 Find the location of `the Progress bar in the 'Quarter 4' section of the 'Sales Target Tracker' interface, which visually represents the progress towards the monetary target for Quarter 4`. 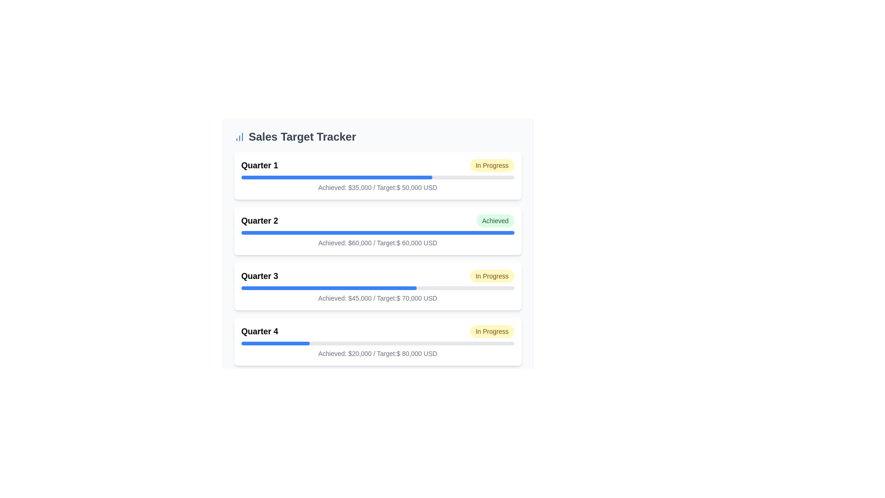

the Progress bar in the 'Quarter 4' section of the 'Sales Target Tracker' interface, which visually represents the progress towards the monetary target for Quarter 4 is located at coordinates (378, 343).